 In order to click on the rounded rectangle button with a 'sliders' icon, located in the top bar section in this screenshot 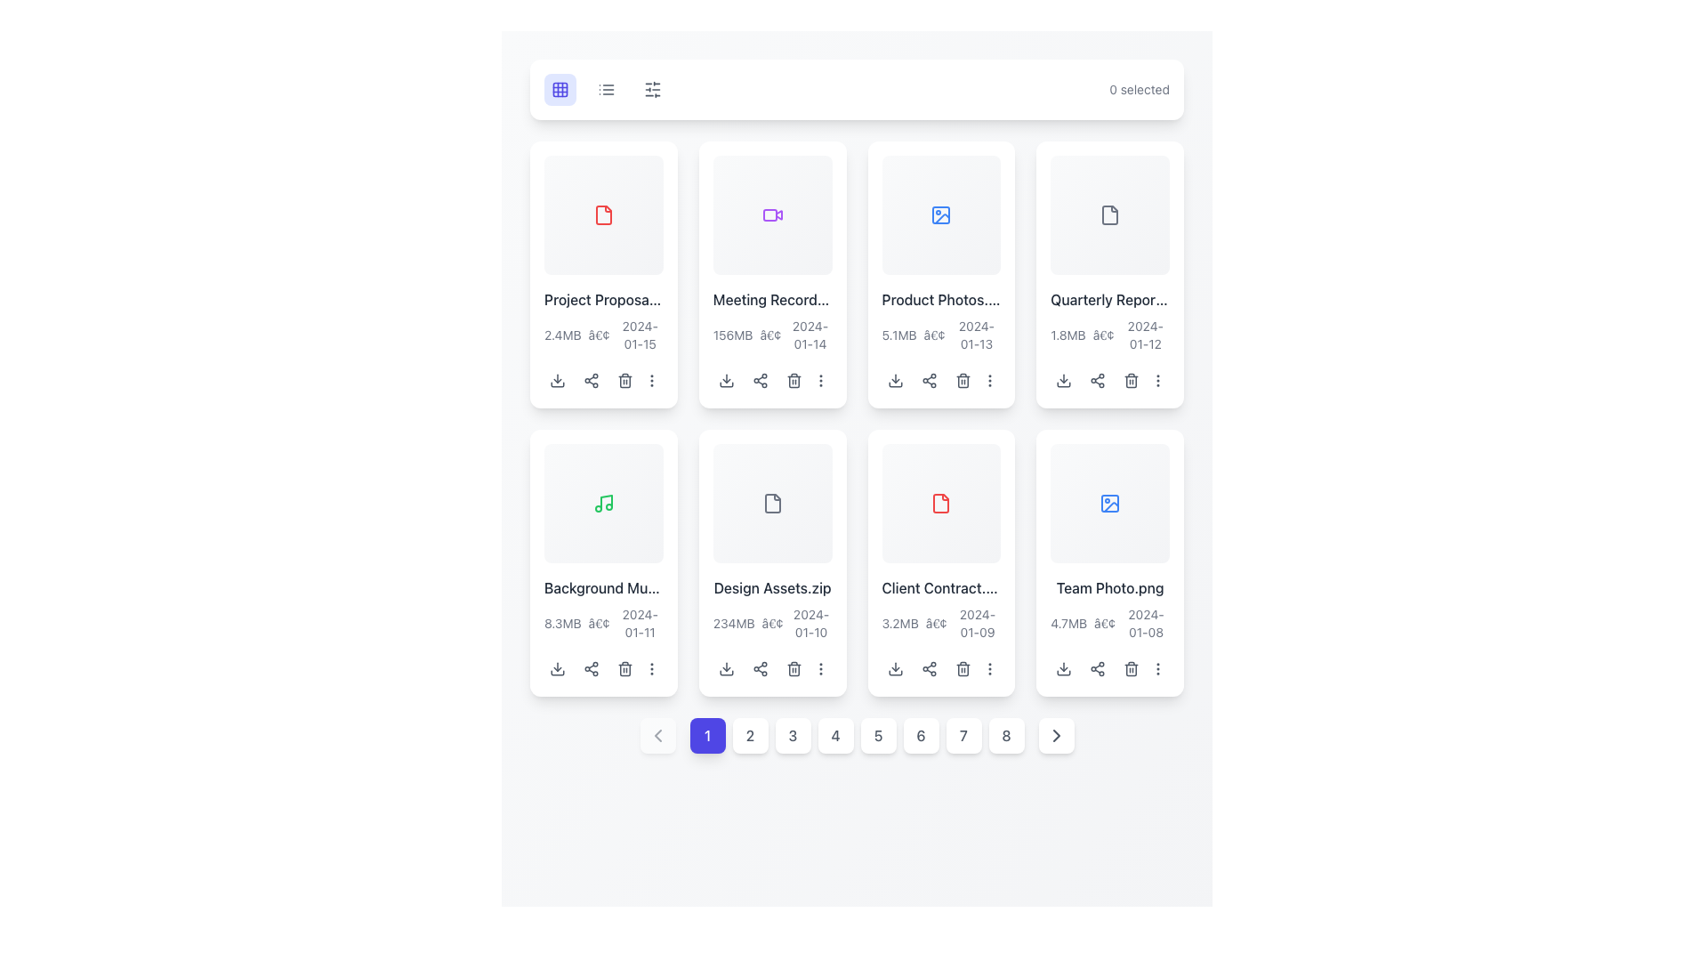, I will do `click(652, 89)`.